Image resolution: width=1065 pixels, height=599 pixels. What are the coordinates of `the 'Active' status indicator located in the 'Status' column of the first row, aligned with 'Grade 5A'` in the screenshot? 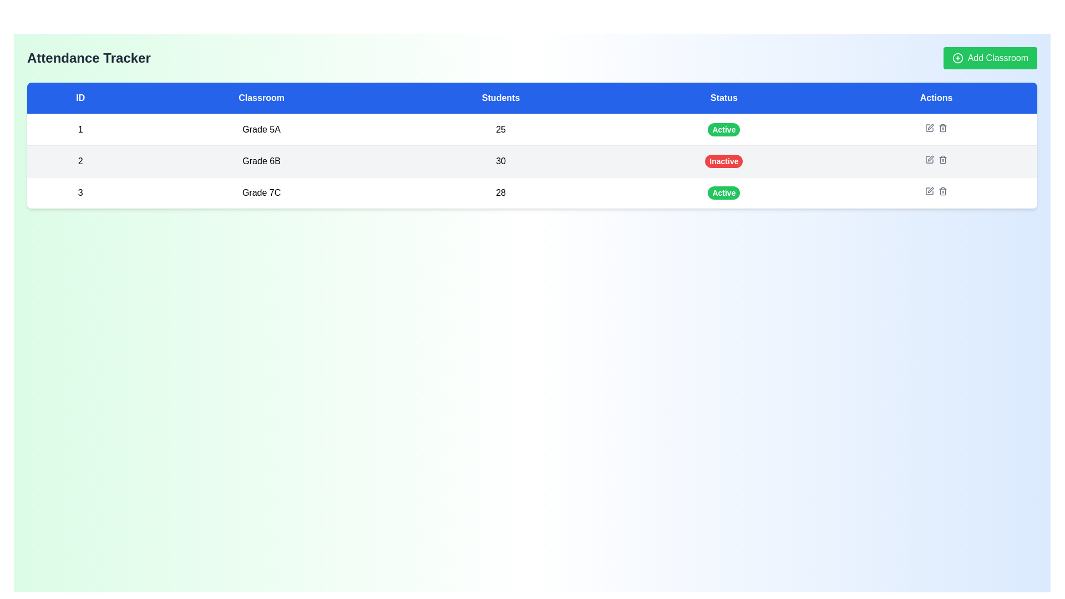 It's located at (724, 129).